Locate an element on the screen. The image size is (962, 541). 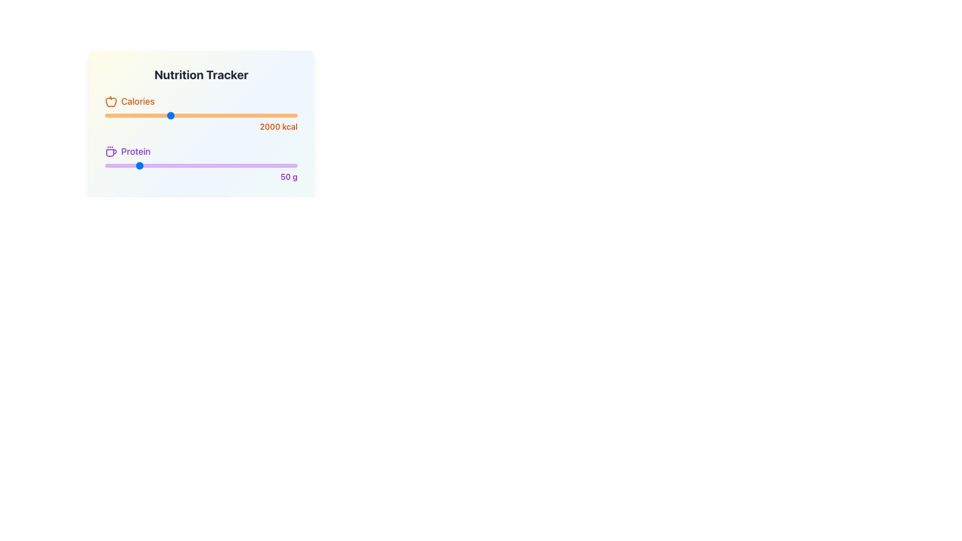
calorie goal is located at coordinates (123, 115).